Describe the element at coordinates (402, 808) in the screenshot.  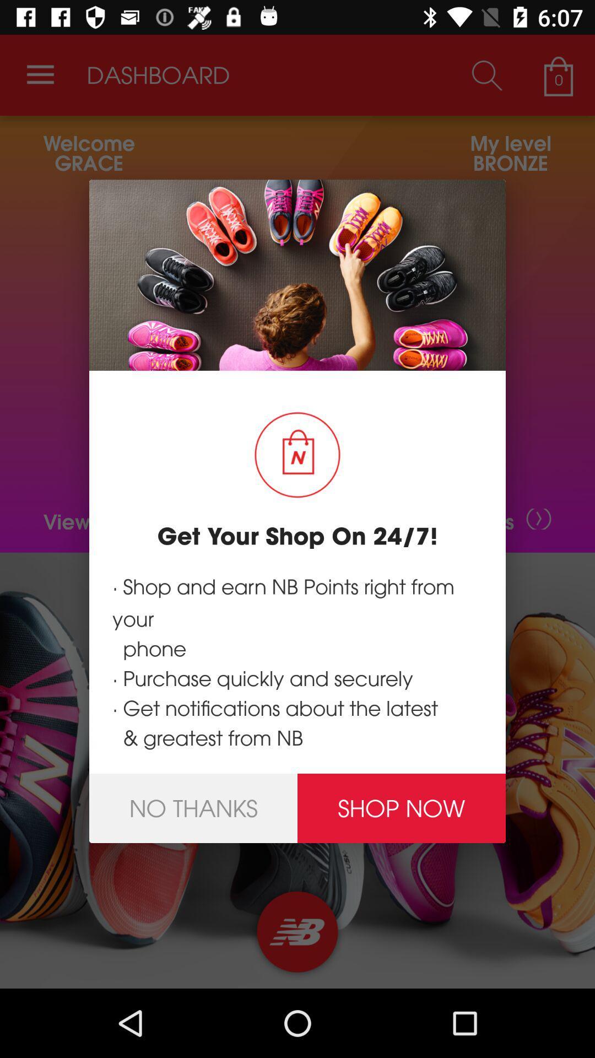
I see `the shop now` at that location.